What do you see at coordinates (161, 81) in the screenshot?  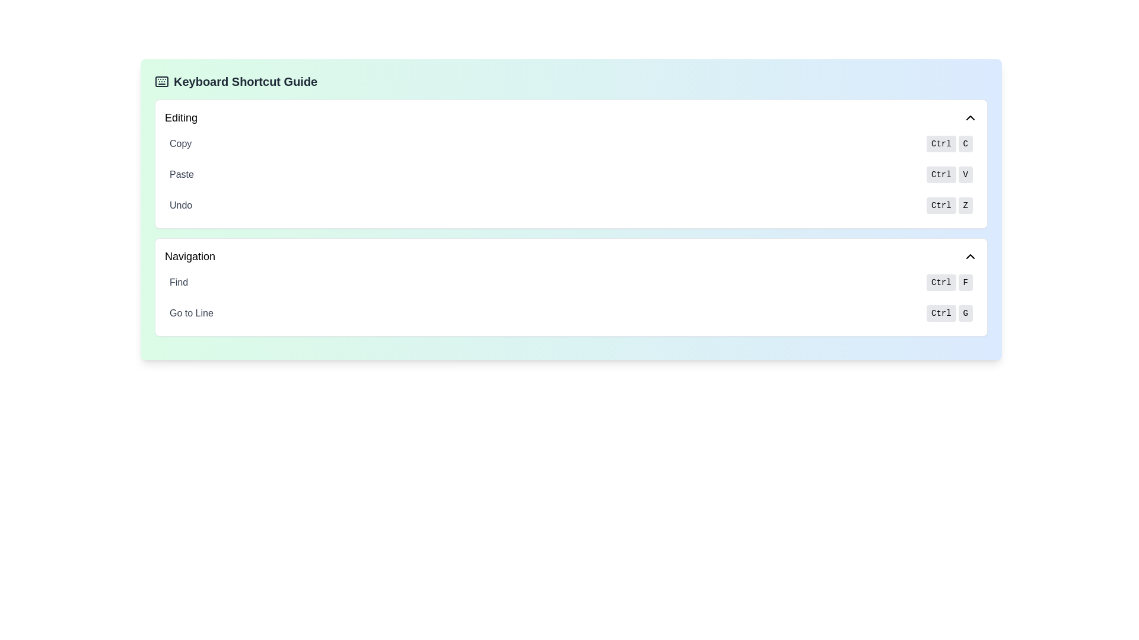 I see `the SVG rectangle shape that is part of the keyboard icon, located near the title 'Keyboard Shortcut Guide'` at bounding box center [161, 81].